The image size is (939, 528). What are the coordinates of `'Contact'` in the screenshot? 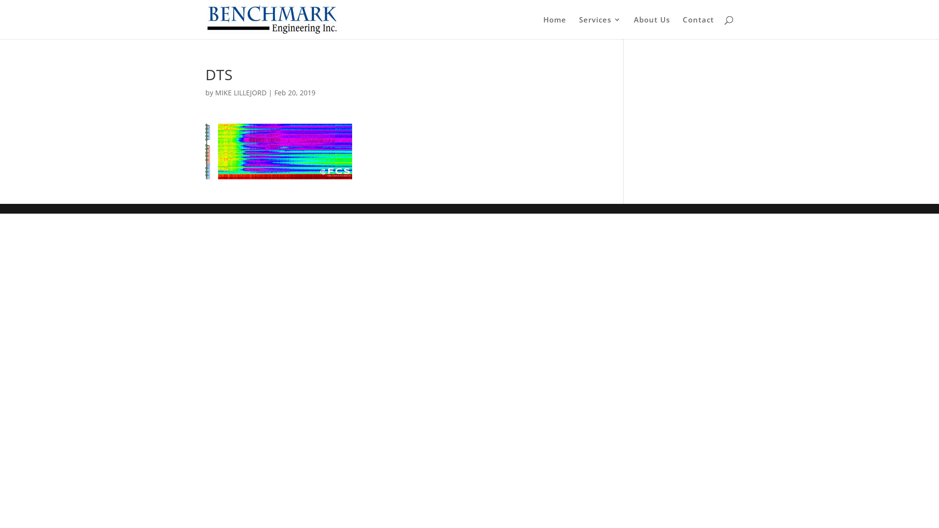 It's located at (697, 27).